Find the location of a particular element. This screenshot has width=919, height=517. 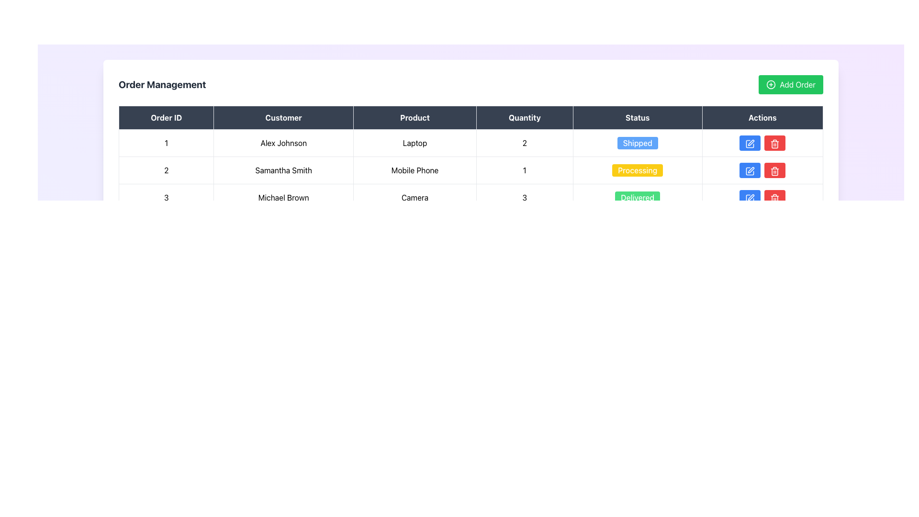

the table header cell labeled 'Status' which is part of a dark gray background in the fifth column of the table header is located at coordinates (638, 117).